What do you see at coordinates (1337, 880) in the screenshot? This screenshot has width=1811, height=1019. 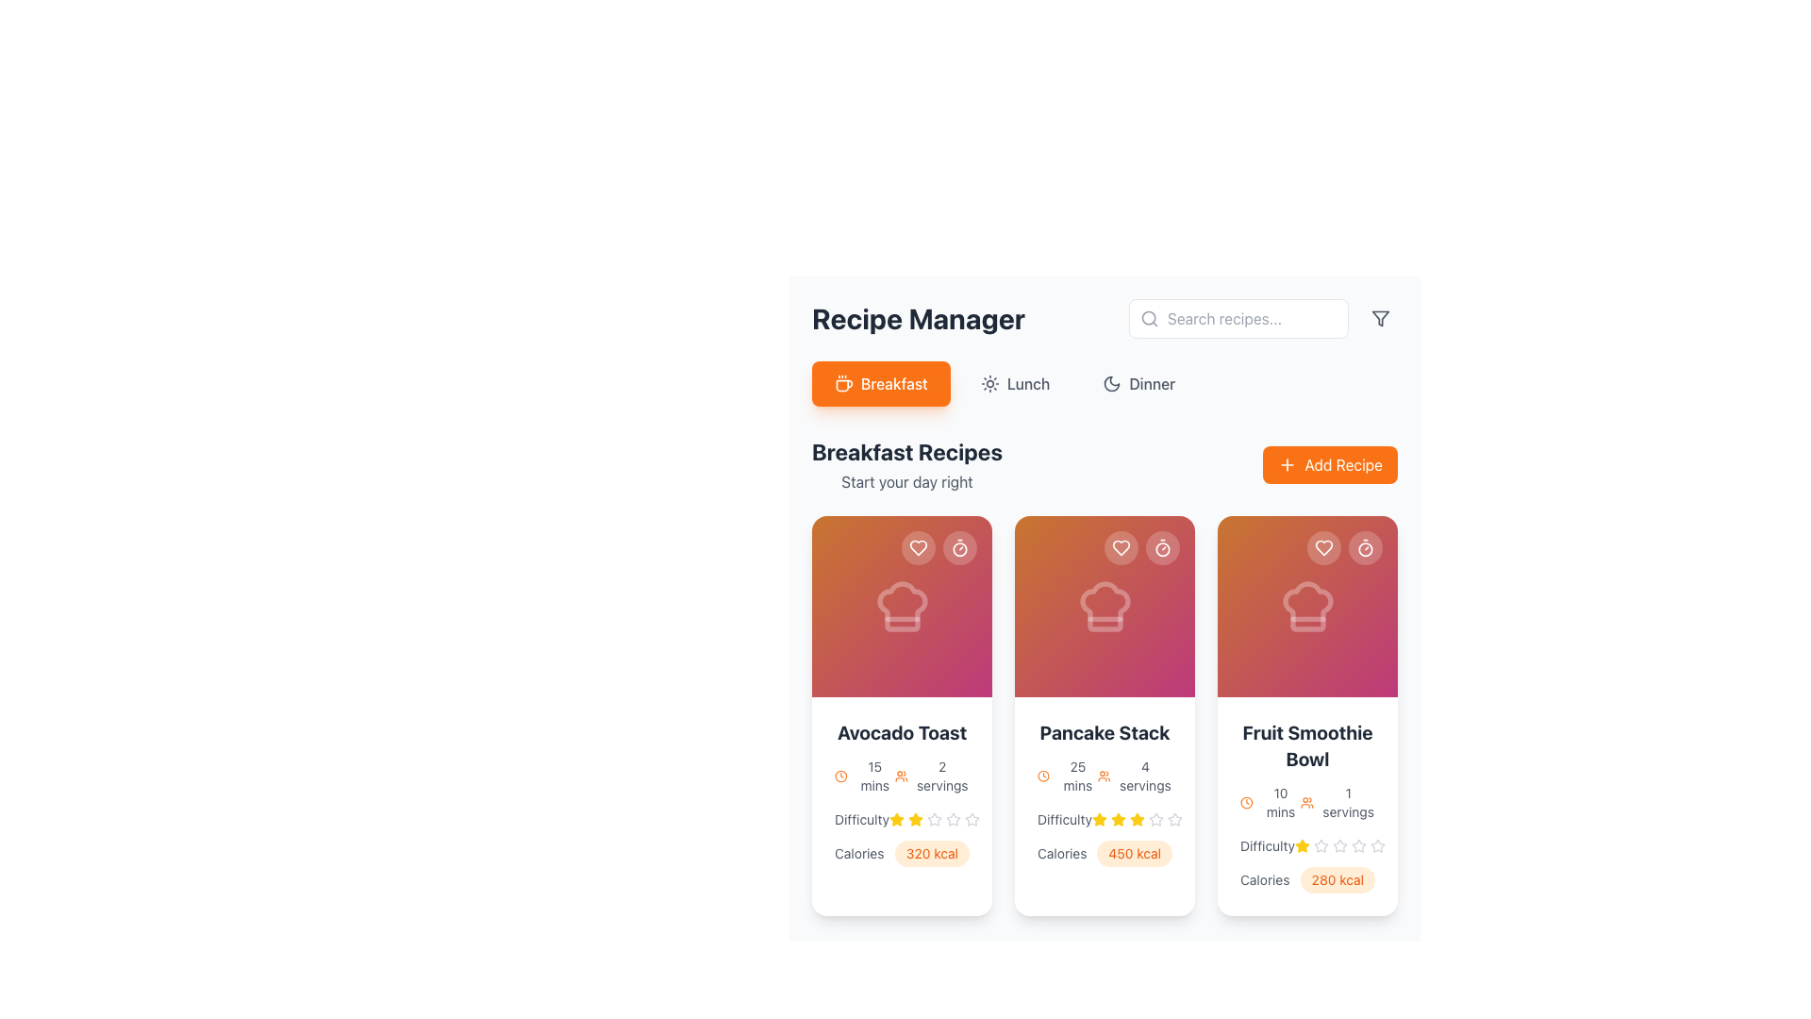 I see `the small pill-shaped label displaying '280 kcal' with a rounded orange background, located in the 'Calories' section of the 'Fruit Smoothie Bowl' card` at bounding box center [1337, 880].